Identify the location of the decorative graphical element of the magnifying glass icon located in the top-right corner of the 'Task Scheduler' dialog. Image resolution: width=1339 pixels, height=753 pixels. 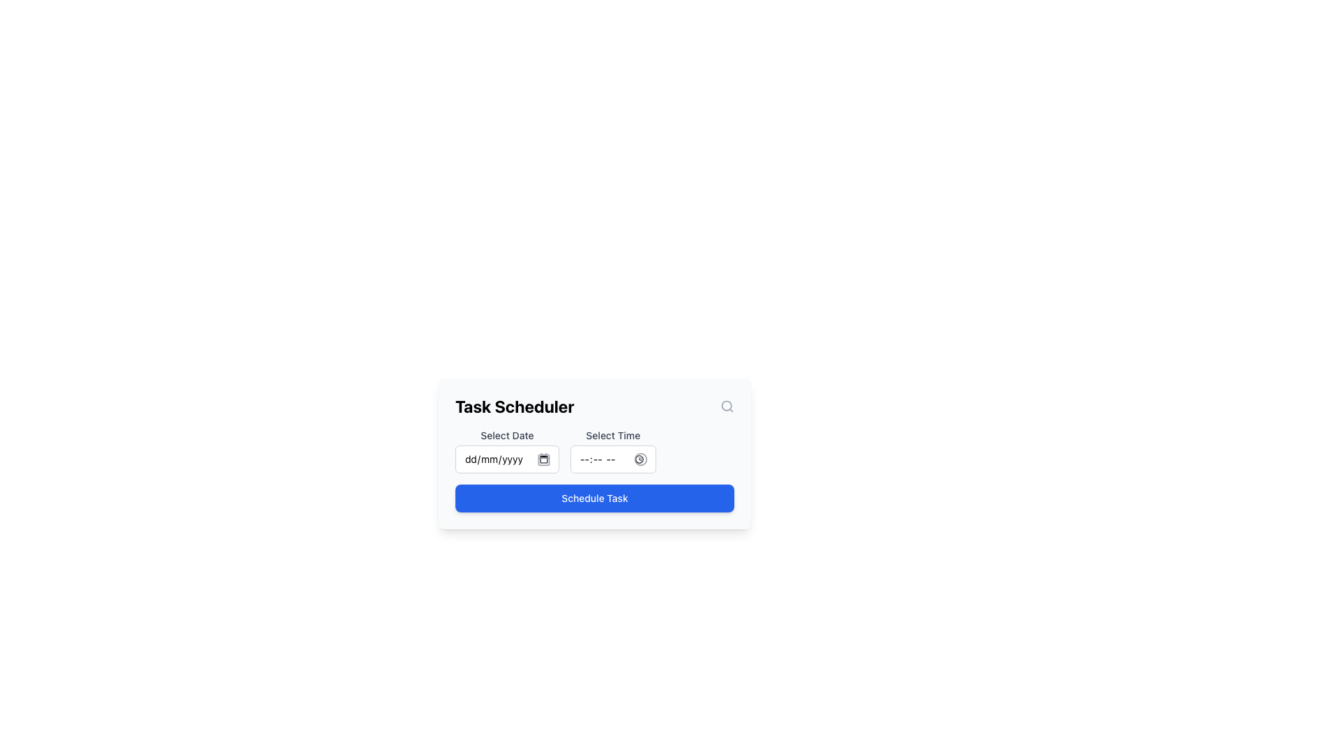
(726, 406).